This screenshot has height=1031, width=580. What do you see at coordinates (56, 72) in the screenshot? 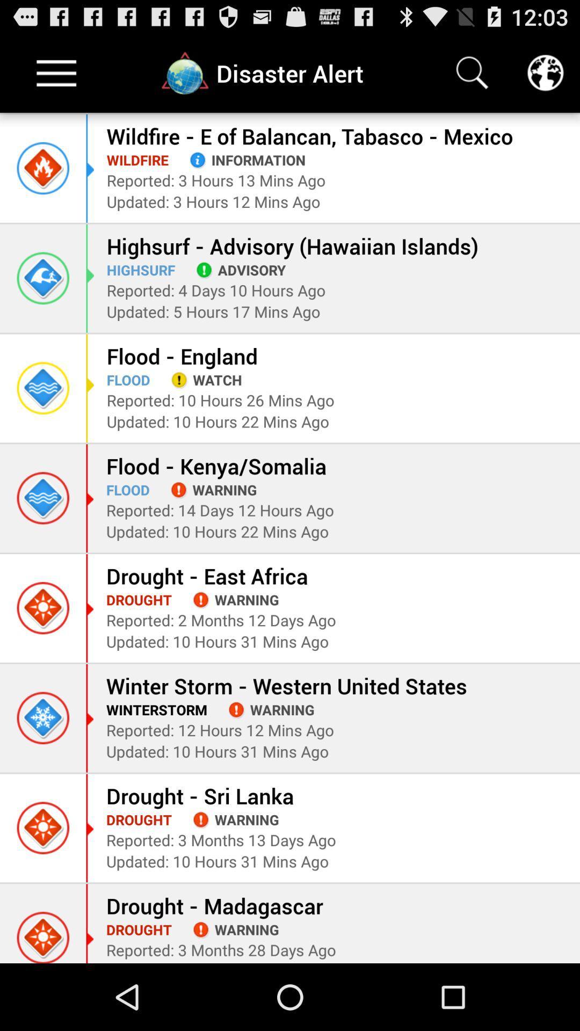
I see `expand menu` at bounding box center [56, 72].